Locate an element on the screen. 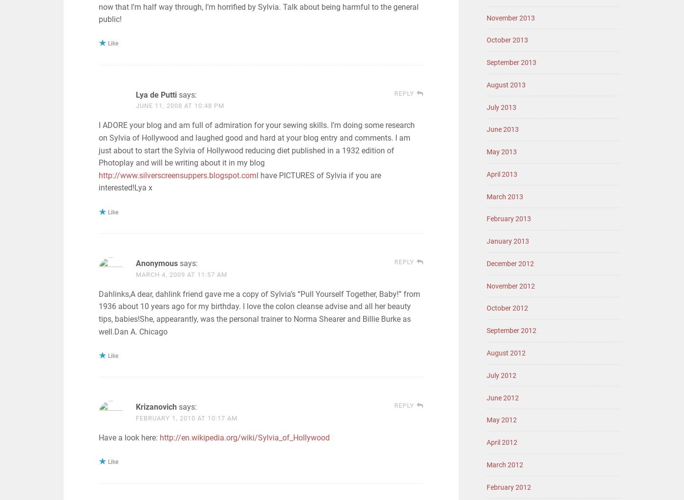 The width and height of the screenshot is (684, 500). 'Lya de Putti' is located at coordinates (156, 94).